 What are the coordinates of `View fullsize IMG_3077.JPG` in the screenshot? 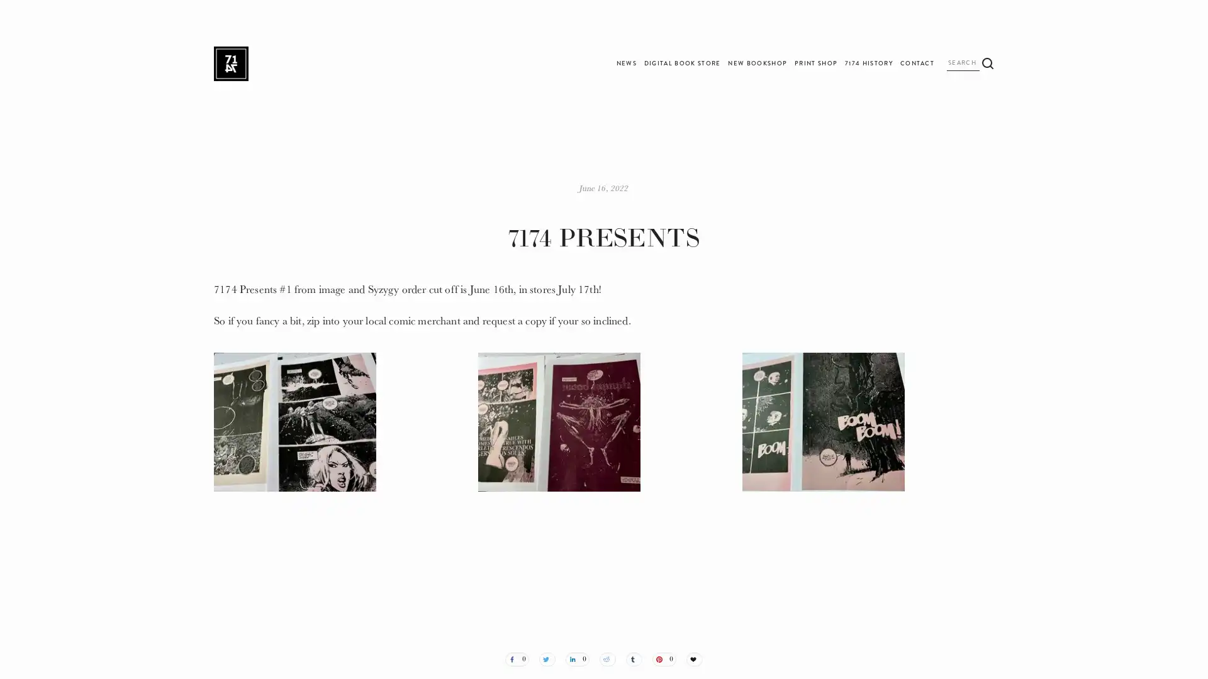 It's located at (339, 477).